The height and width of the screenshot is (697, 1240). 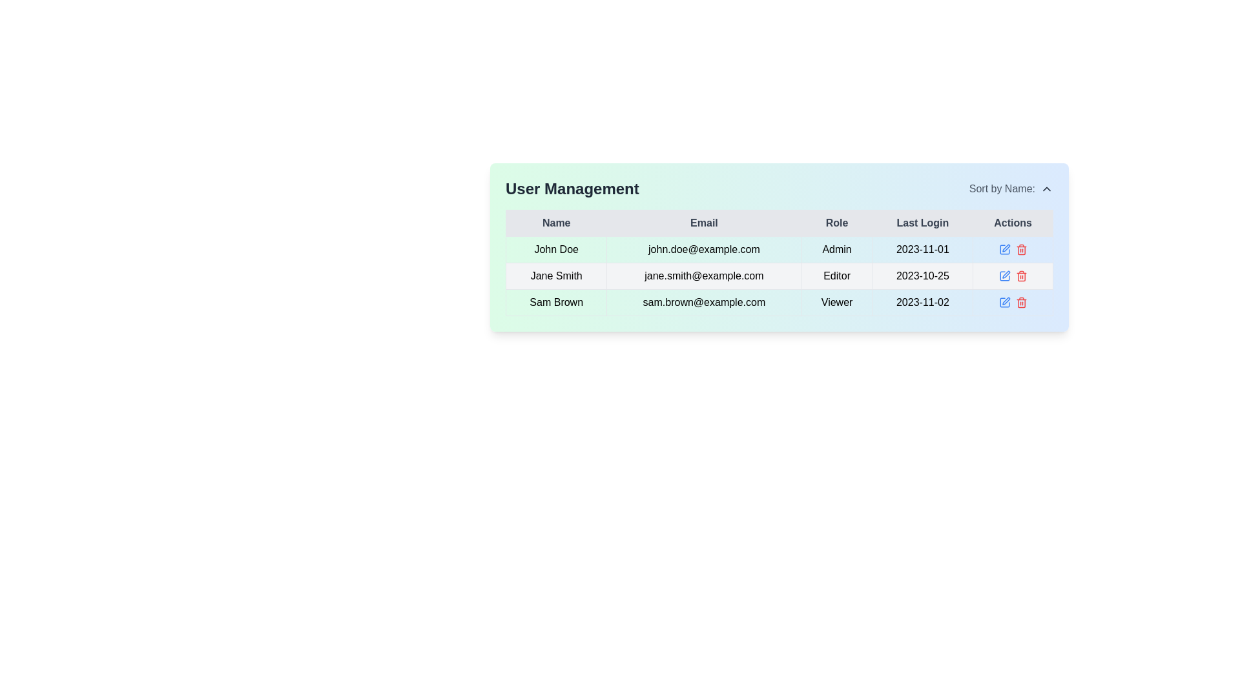 What do you see at coordinates (1047, 189) in the screenshot?
I see `the upward-pointing chevron icon located on the right side of the 'Sort by Name:' label in the 'User Management' section` at bounding box center [1047, 189].